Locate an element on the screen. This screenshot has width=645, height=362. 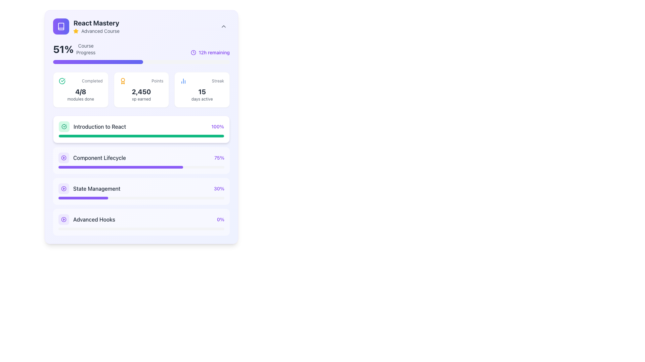
the appearance of the SVG circle element located in the 'State Management' section, to the left of the progress bar and label, characterized by its hollow center and colored border is located at coordinates (64, 189).